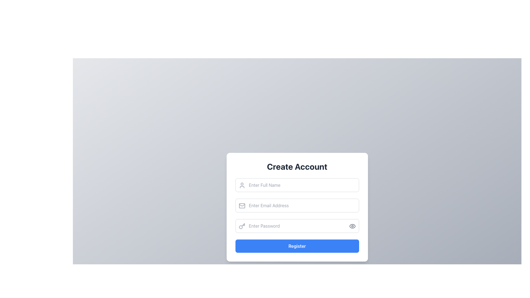 Image resolution: width=530 pixels, height=298 pixels. I want to click on the eye icon located on the right side of the 'Enter Password' input field, so click(352, 226).